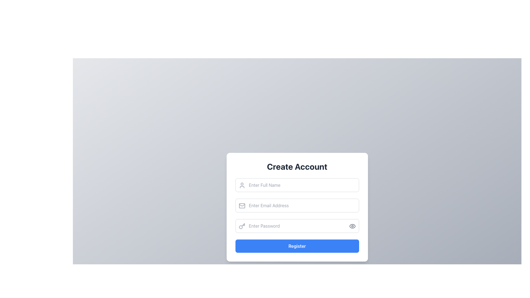 Image resolution: width=530 pixels, height=298 pixels. I want to click on the eye icon located on the right side of the 'Enter Password' input field, so click(352, 226).